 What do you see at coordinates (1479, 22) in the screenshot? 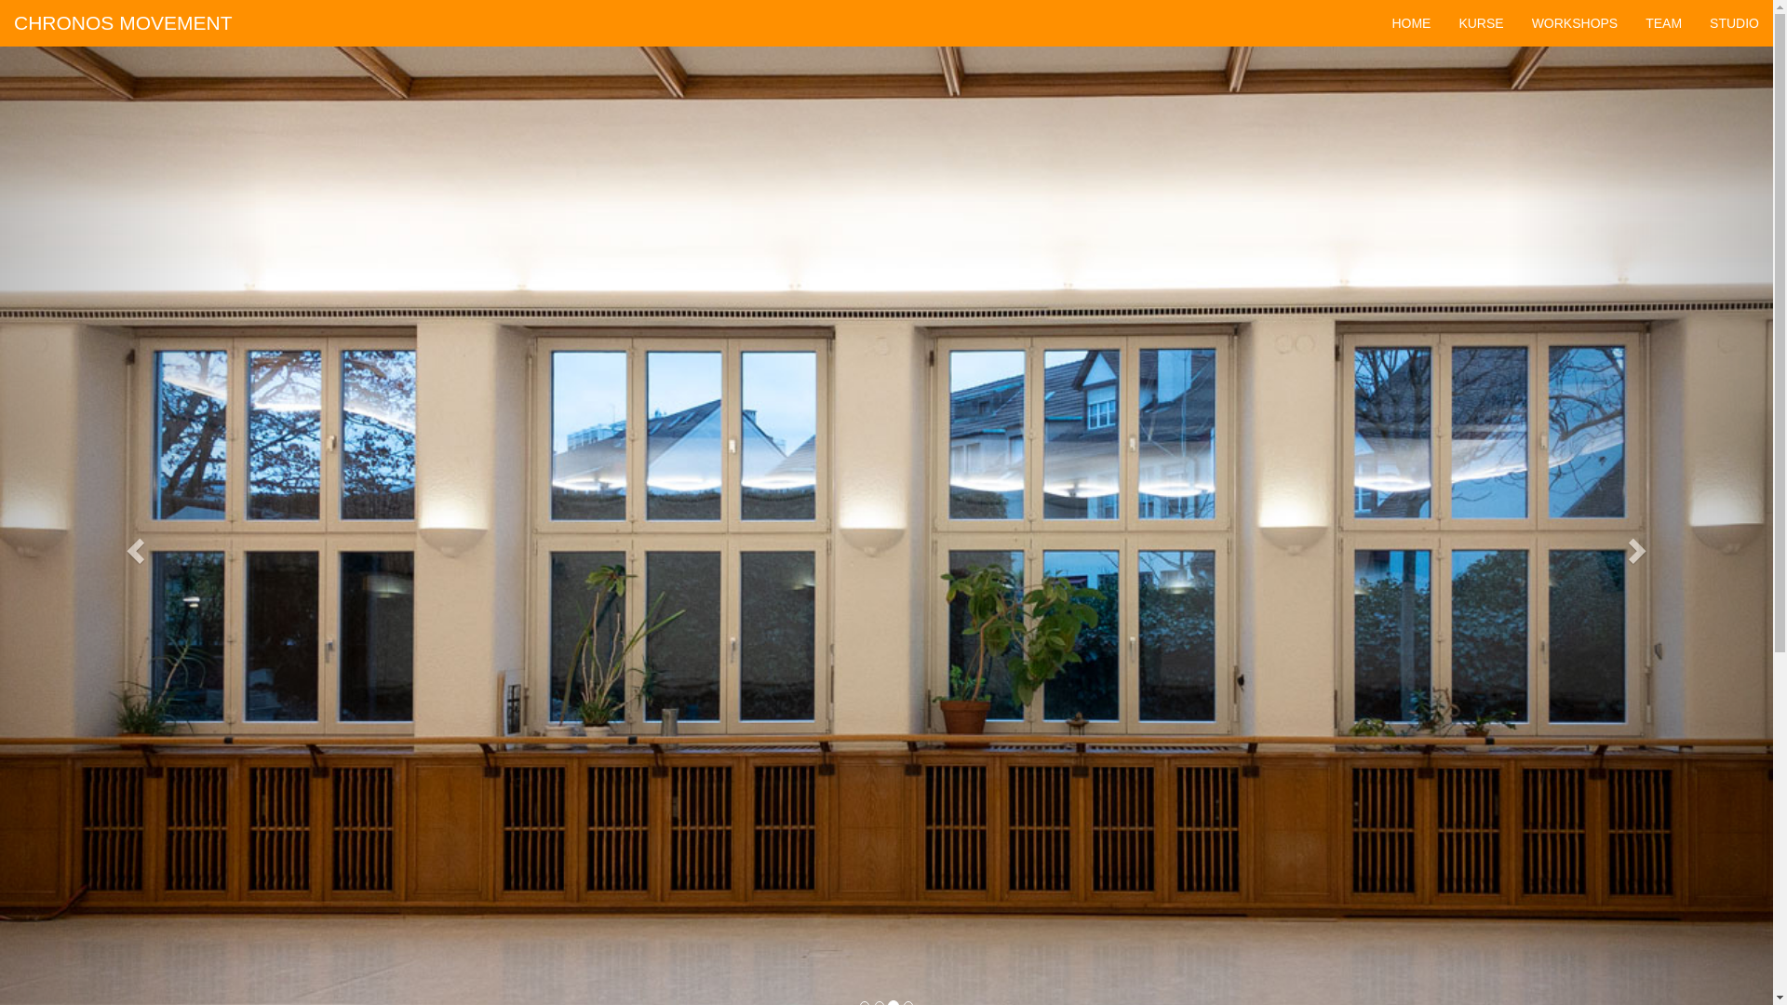
I see `'KURSE'` at bounding box center [1479, 22].